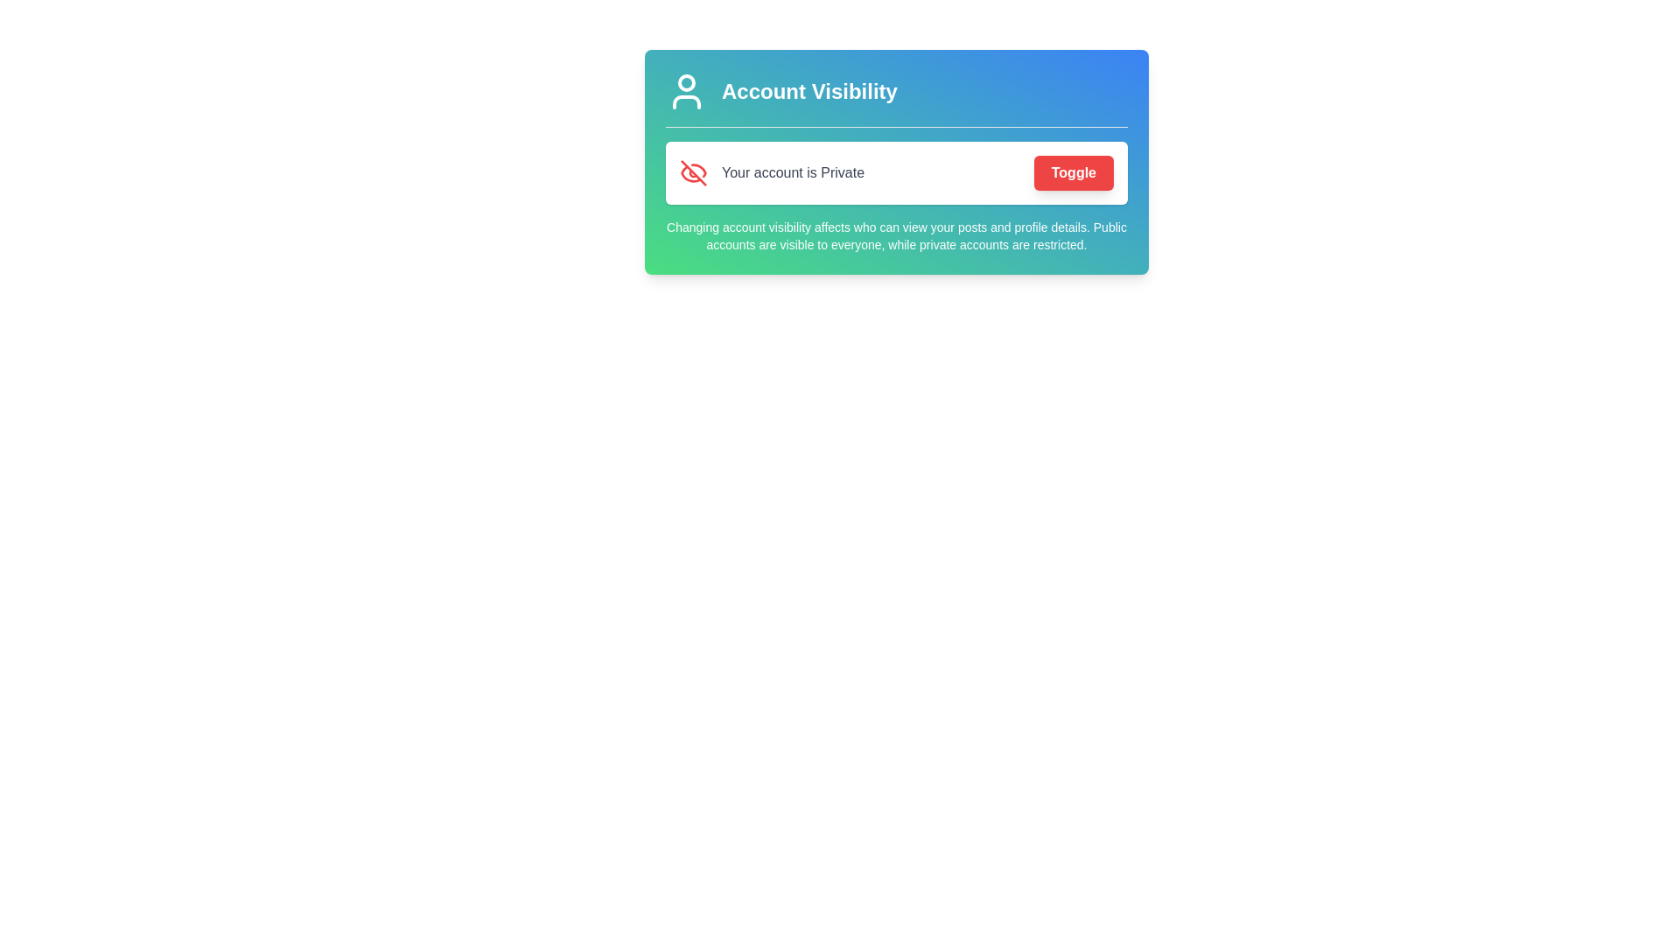 This screenshot has width=1680, height=945. What do you see at coordinates (897, 236) in the screenshot?
I see `the text display explaining the implications of changing account visibility settings, which is located below the toggleable private account status indicator and within a blue-to-green gradient background` at bounding box center [897, 236].